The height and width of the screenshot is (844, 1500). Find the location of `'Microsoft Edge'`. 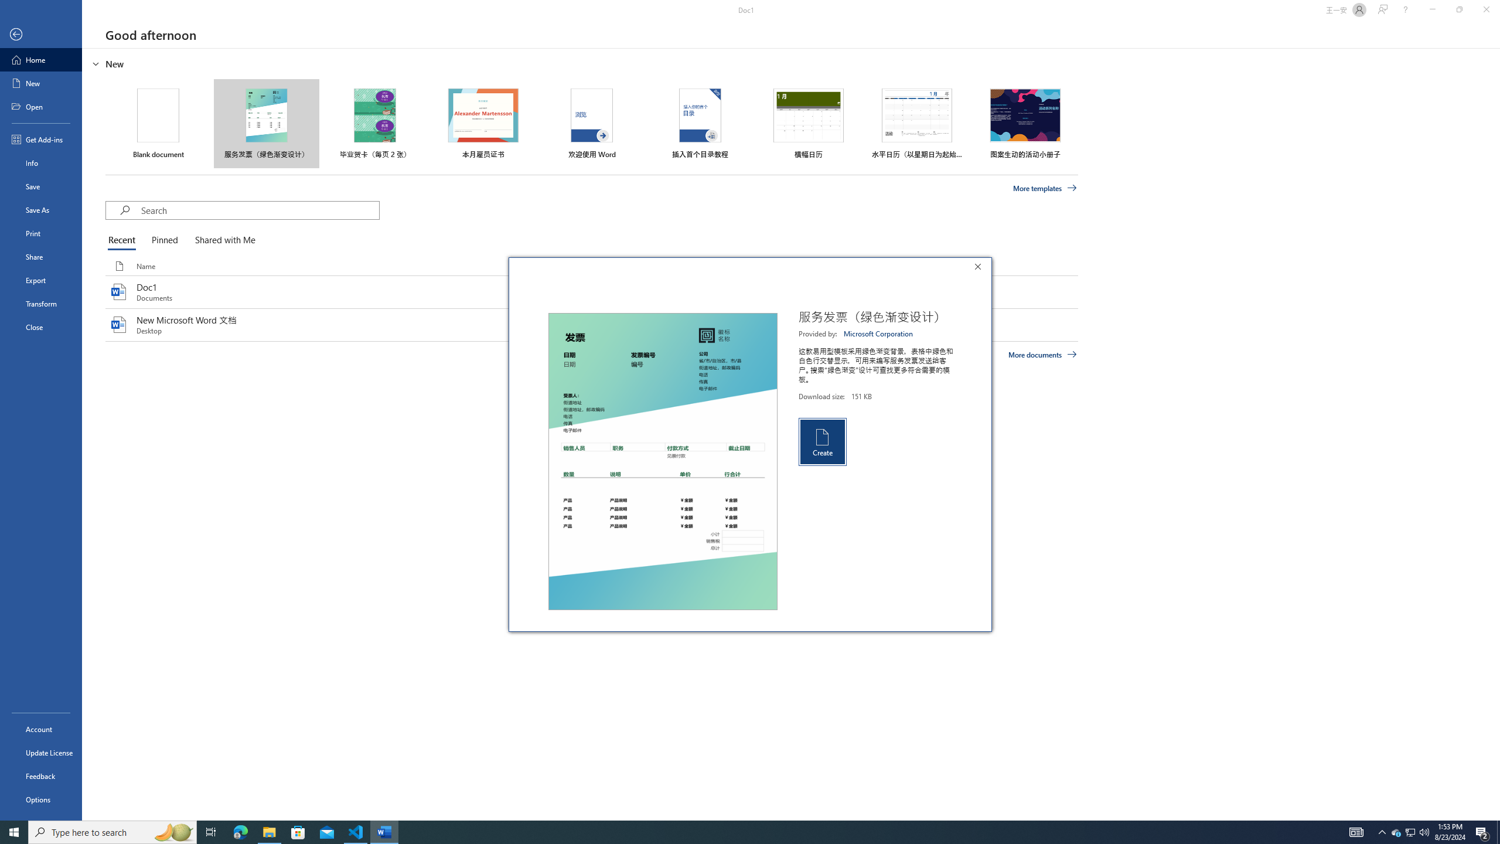

'Microsoft Edge' is located at coordinates (240, 831).